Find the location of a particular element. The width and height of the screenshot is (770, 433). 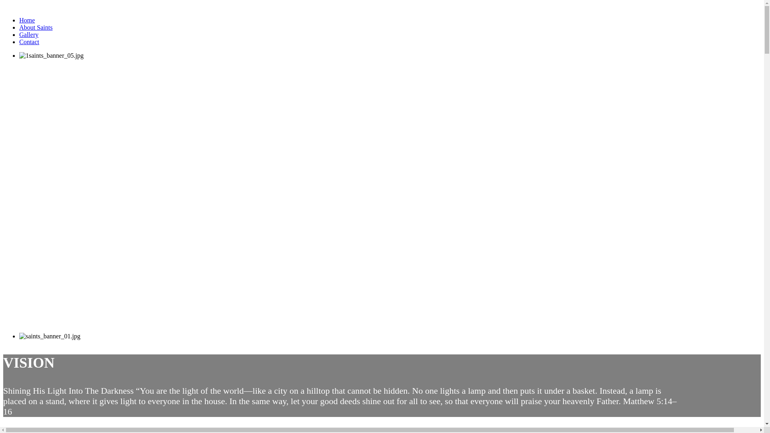

'Gallery' is located at coordinates (29, 34).